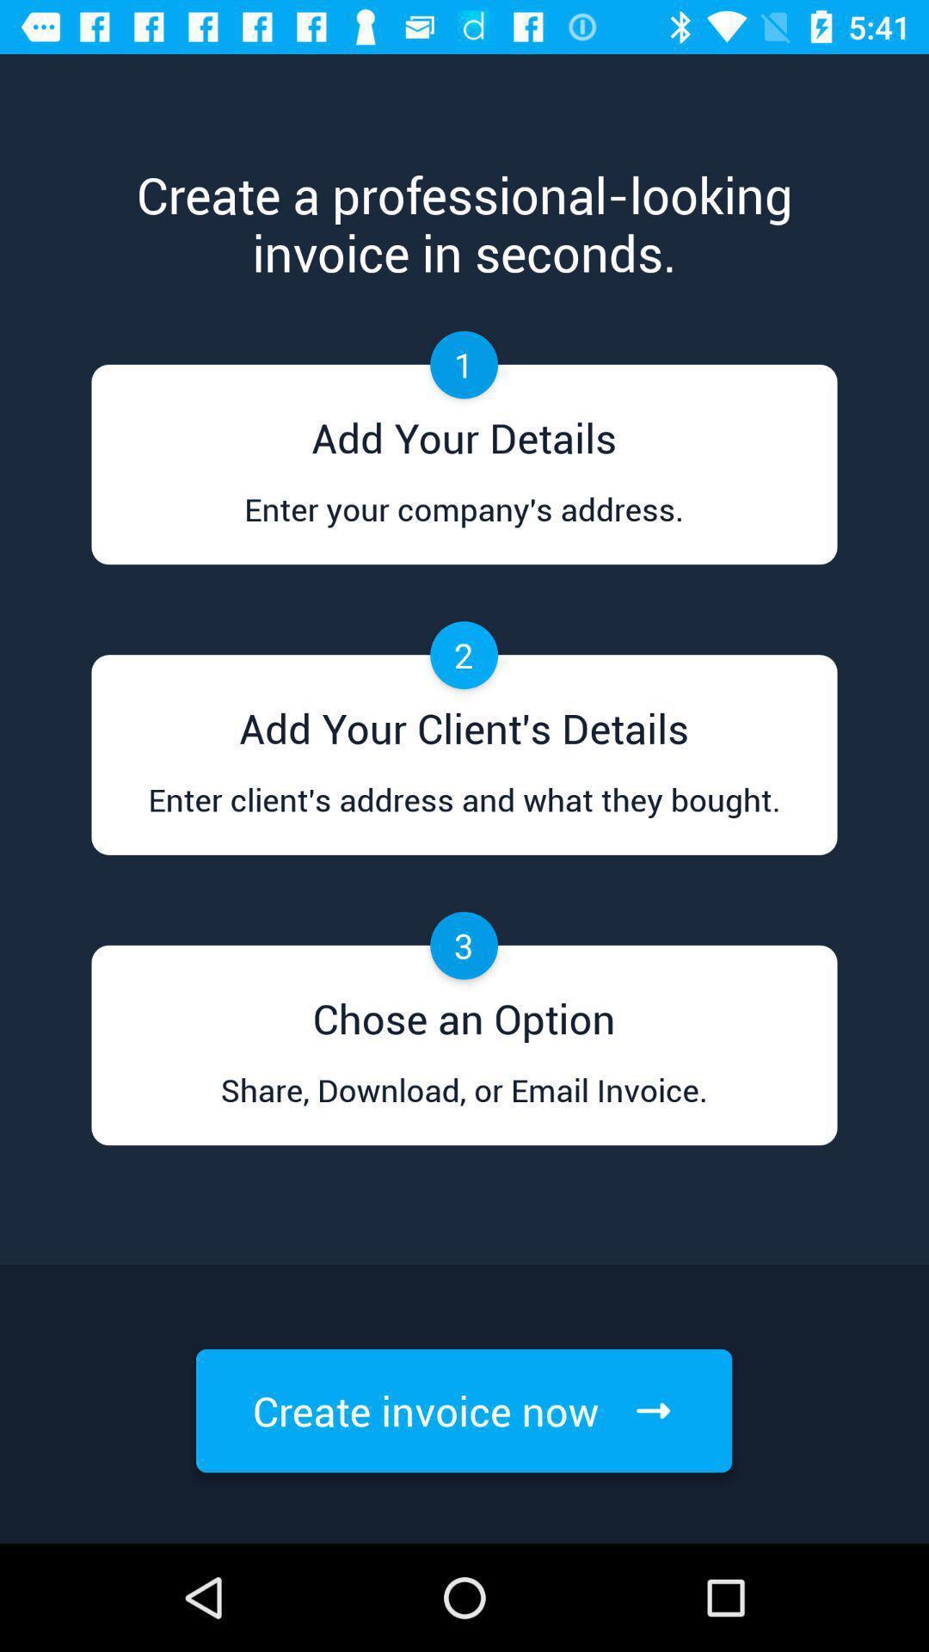  I want to click on the last text in the page, so click(463, 1411).